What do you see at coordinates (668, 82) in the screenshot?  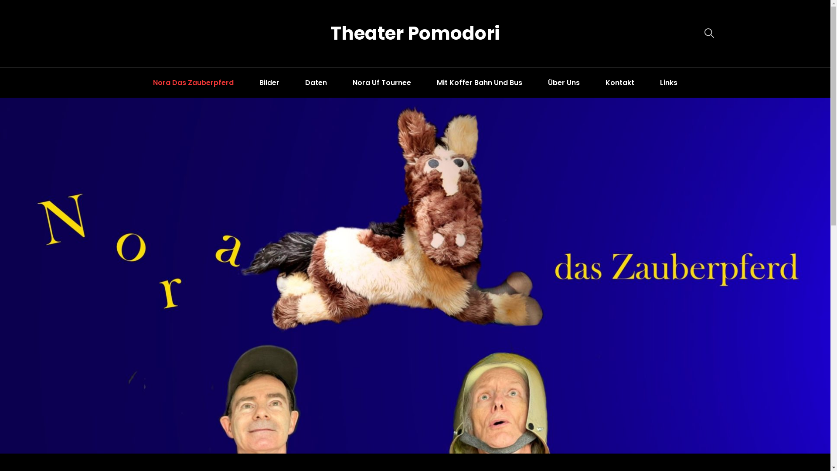 I see `'Links'` at bounding box center [668, 82].